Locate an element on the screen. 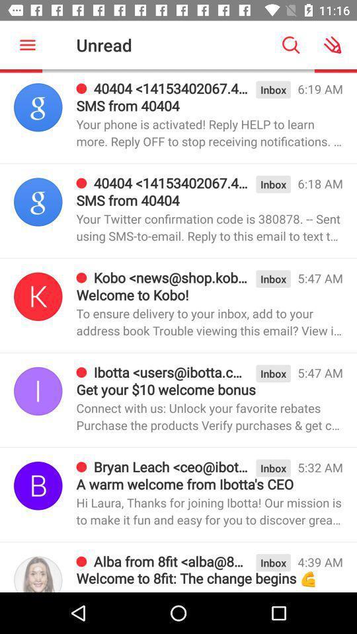 The width and height of the screenshot is (357, 634). the avatar icon is located at coordinates (38, 573).